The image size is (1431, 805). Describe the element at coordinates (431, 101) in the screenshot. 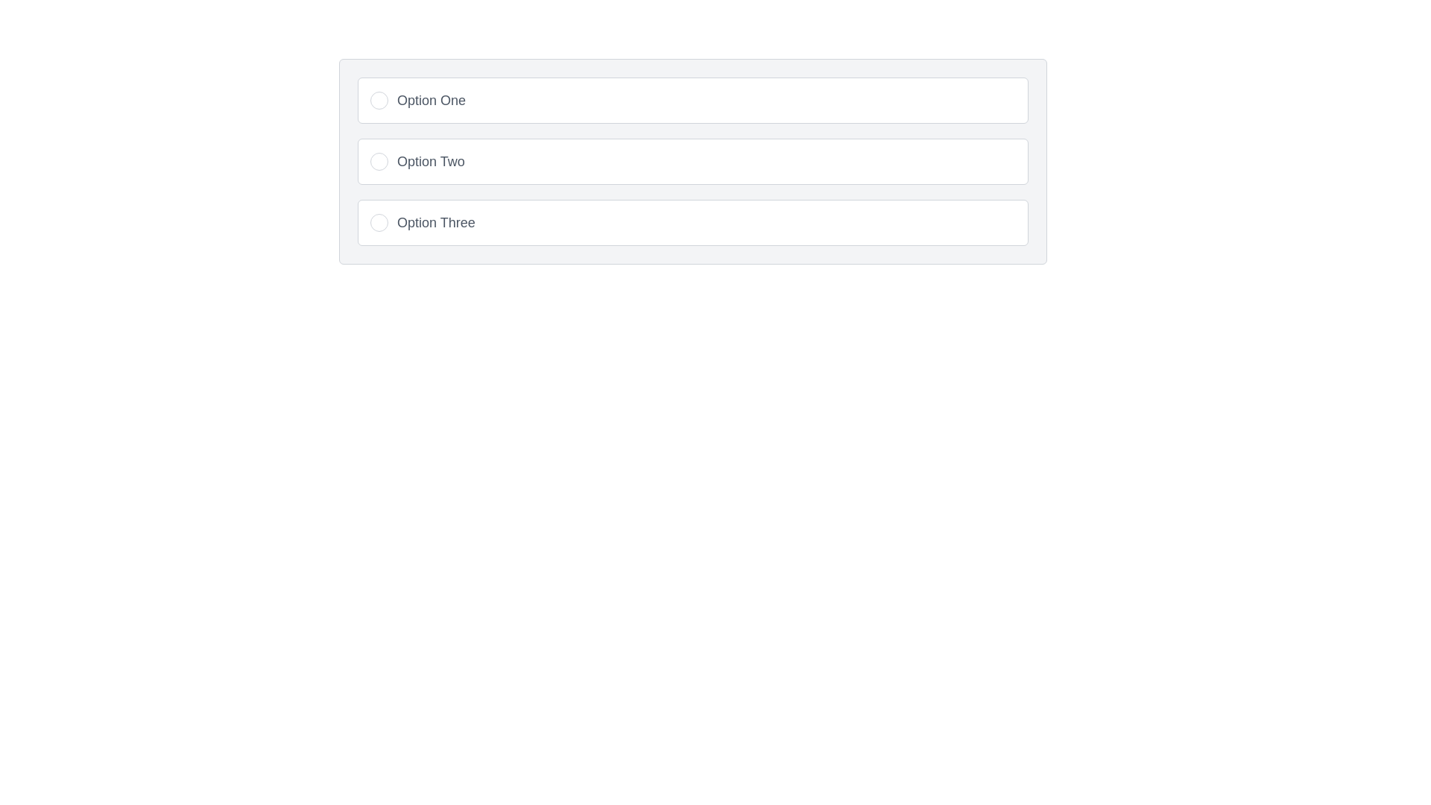

I see `the text label that reads 'Option One', which is styled in gray and positioned next to an unselected radio button in a vertical list` at that location.